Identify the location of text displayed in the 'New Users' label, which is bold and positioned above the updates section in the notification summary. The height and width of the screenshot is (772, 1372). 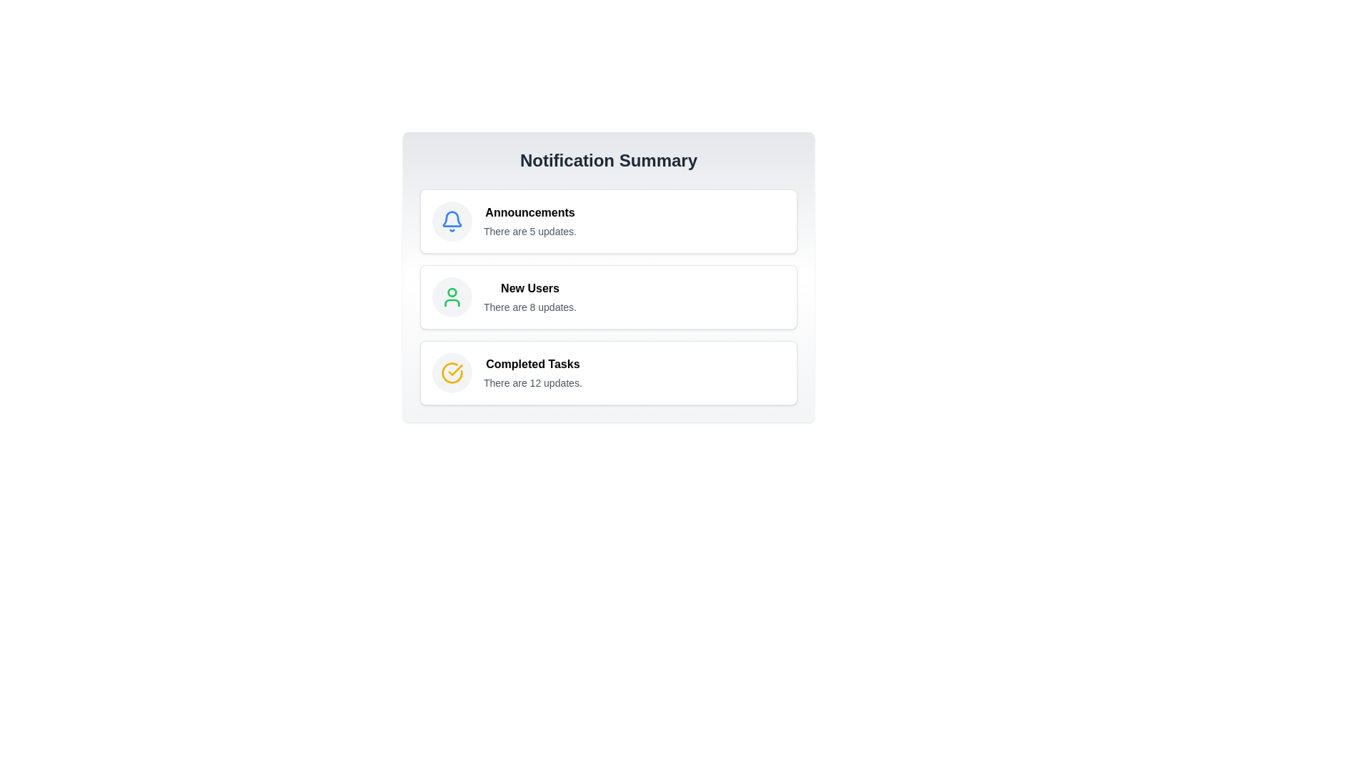
(530, 289).